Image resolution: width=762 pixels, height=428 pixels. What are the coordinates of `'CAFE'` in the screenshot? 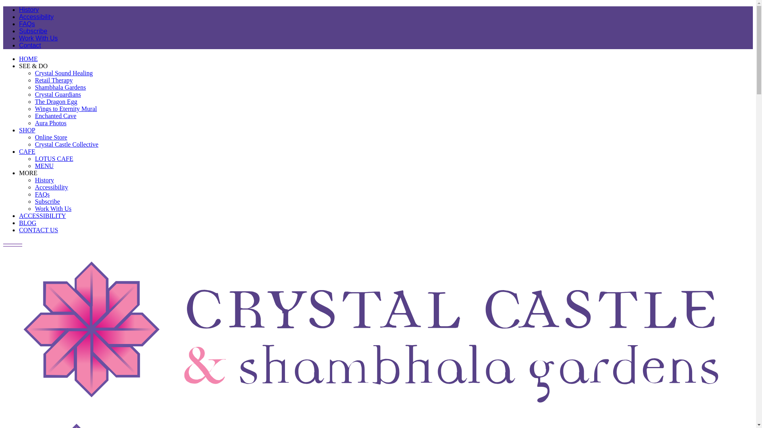 It's located at (27, 151).